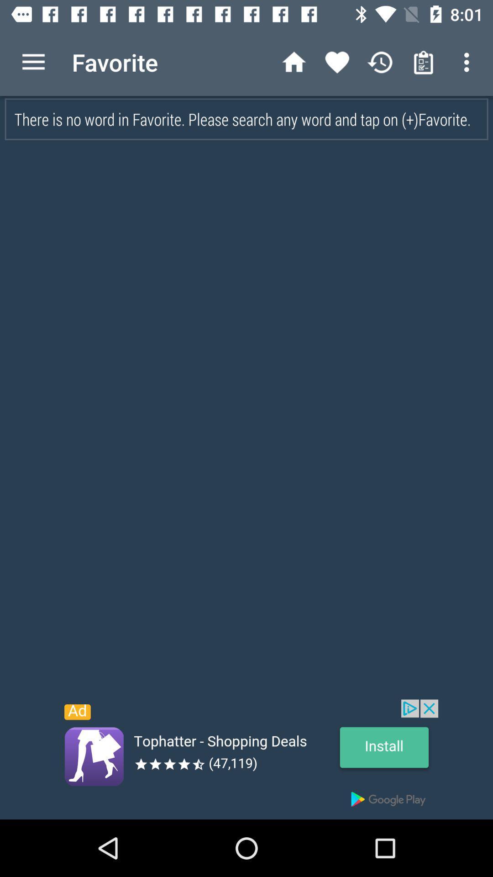 This screenshot has width=493, height=877. Describe the element at coordinates (246, 759) in the screenshot. I see `open advertisement` at that location.